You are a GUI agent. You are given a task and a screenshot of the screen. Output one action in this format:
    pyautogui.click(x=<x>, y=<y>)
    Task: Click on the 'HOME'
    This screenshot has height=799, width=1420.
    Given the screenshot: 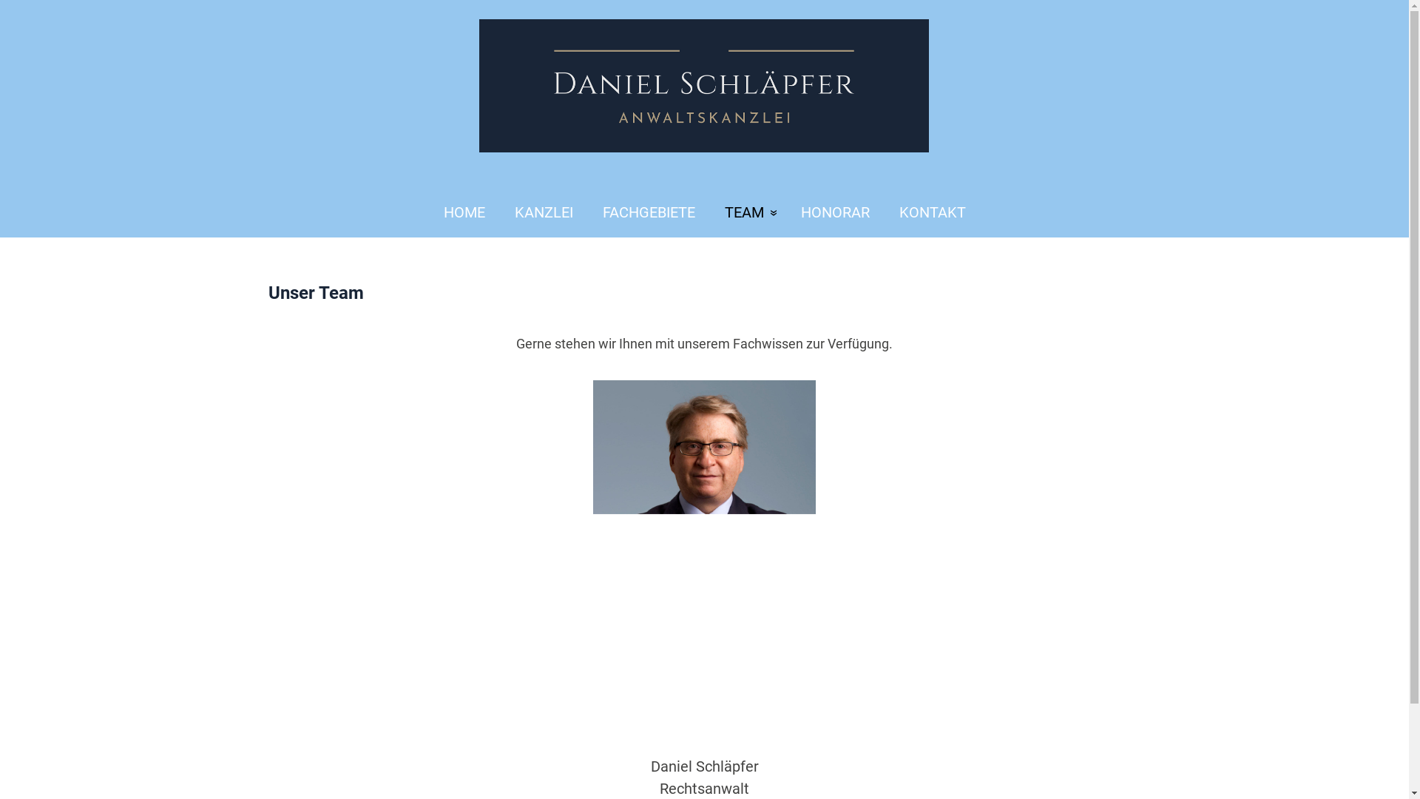 What is the action you would take?
    pyautogui.click(x=456, y=212)
    